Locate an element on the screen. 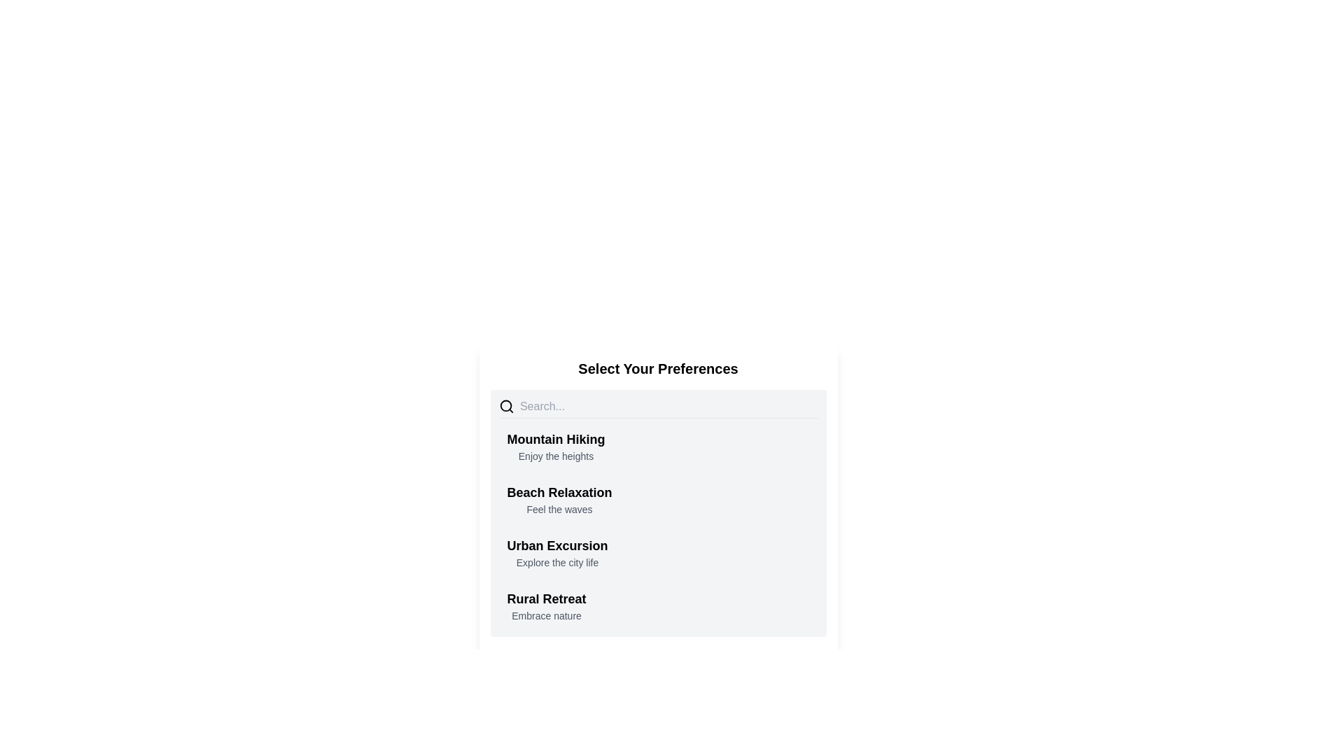 Image resolution: width=1344 pixels, height=756 pixels. text label that says 'Rural Retreat', which is the first text in a list and prominently styled in bold font is located at coordinates (546, 598).